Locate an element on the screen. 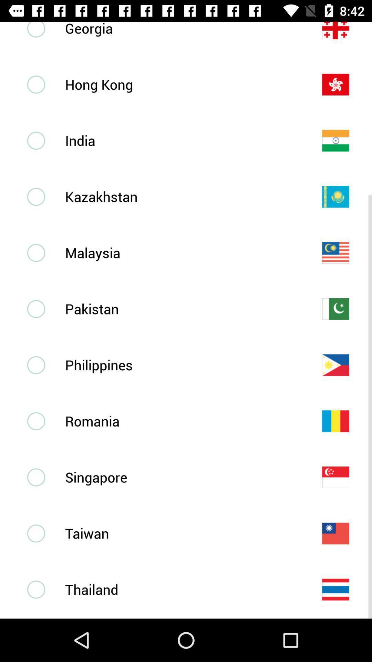 Image resolution: width=372 pixels, height=662 pixels. singapore is located at coordinates (182, 477).